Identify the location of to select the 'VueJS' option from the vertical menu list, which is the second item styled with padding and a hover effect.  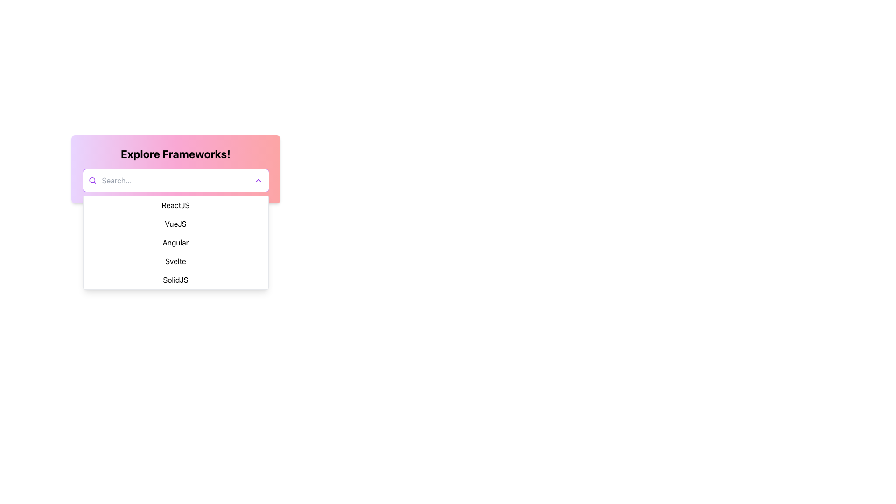
(175, 224).